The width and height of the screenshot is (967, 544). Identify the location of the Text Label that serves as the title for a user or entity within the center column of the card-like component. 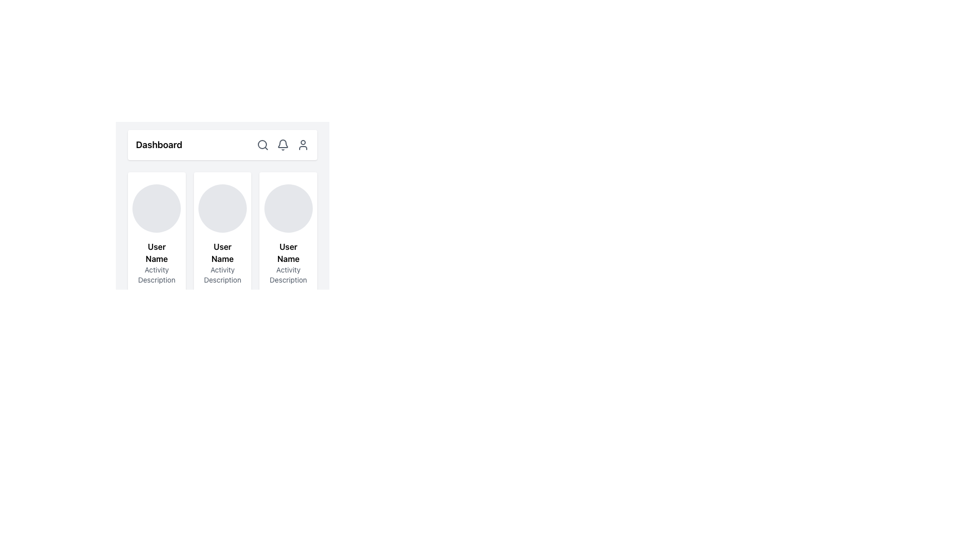
(222, 252).